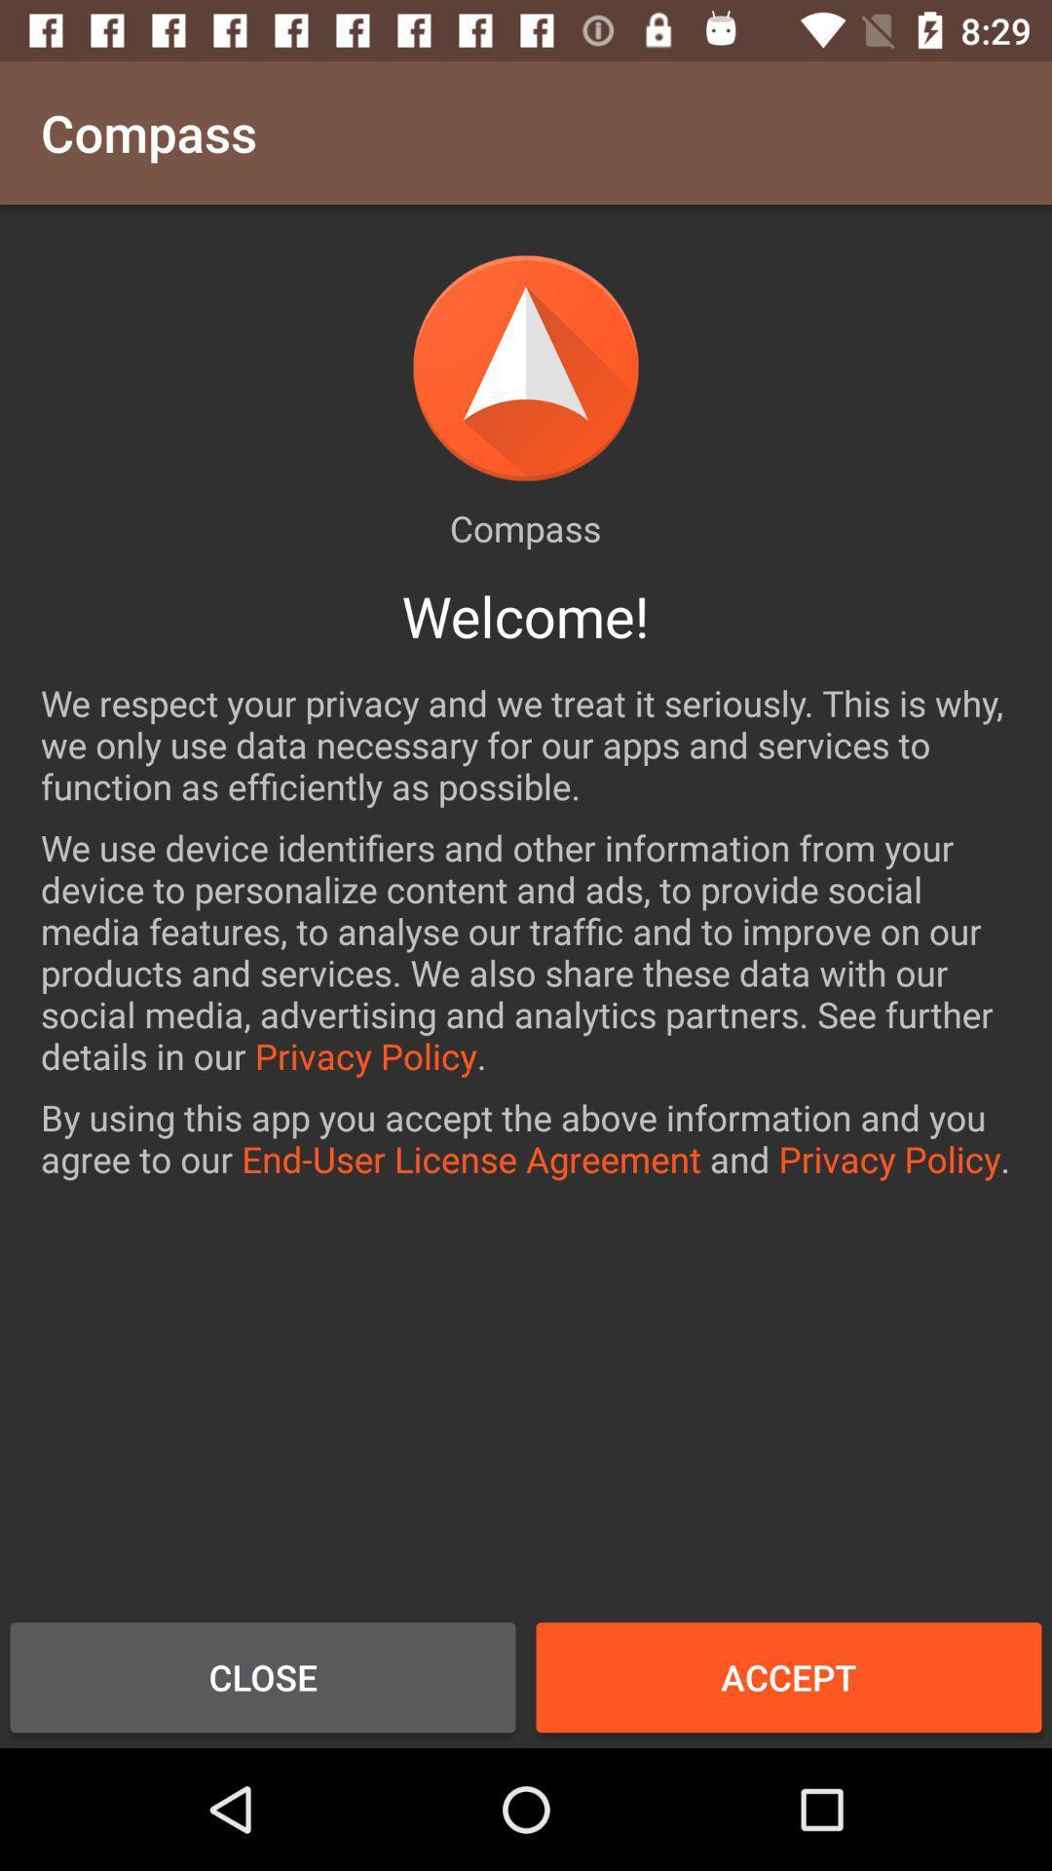 The width and height of the screenshot is (1052, 1871). Describe the element at coordinates (263, 1676) in the screenshot. I see `close` at that location.